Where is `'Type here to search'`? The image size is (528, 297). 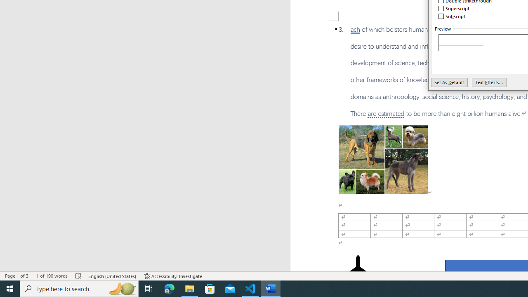 'Type here to search' is located at coordinates (79, 288).